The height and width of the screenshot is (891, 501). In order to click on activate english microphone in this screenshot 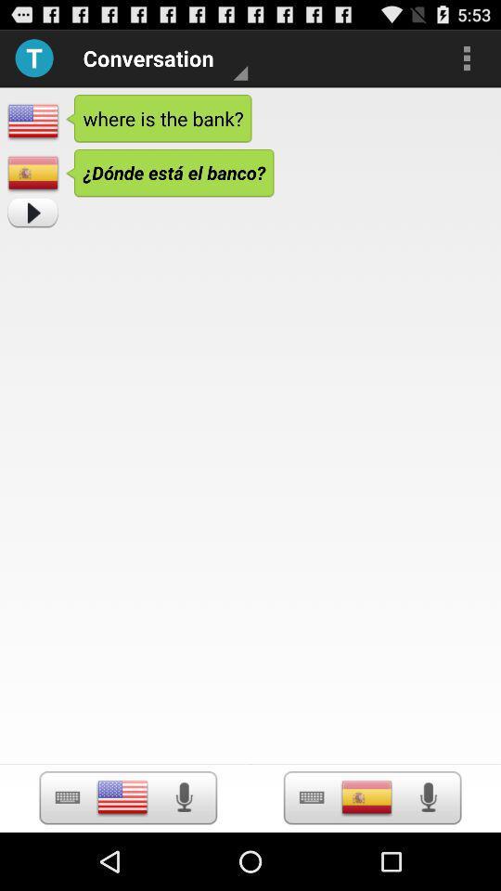, I will do `click(184, 796)`.